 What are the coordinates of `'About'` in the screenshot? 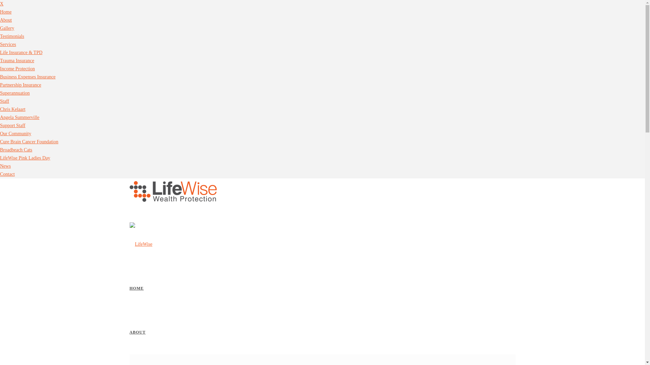 It's located at (6, 20).